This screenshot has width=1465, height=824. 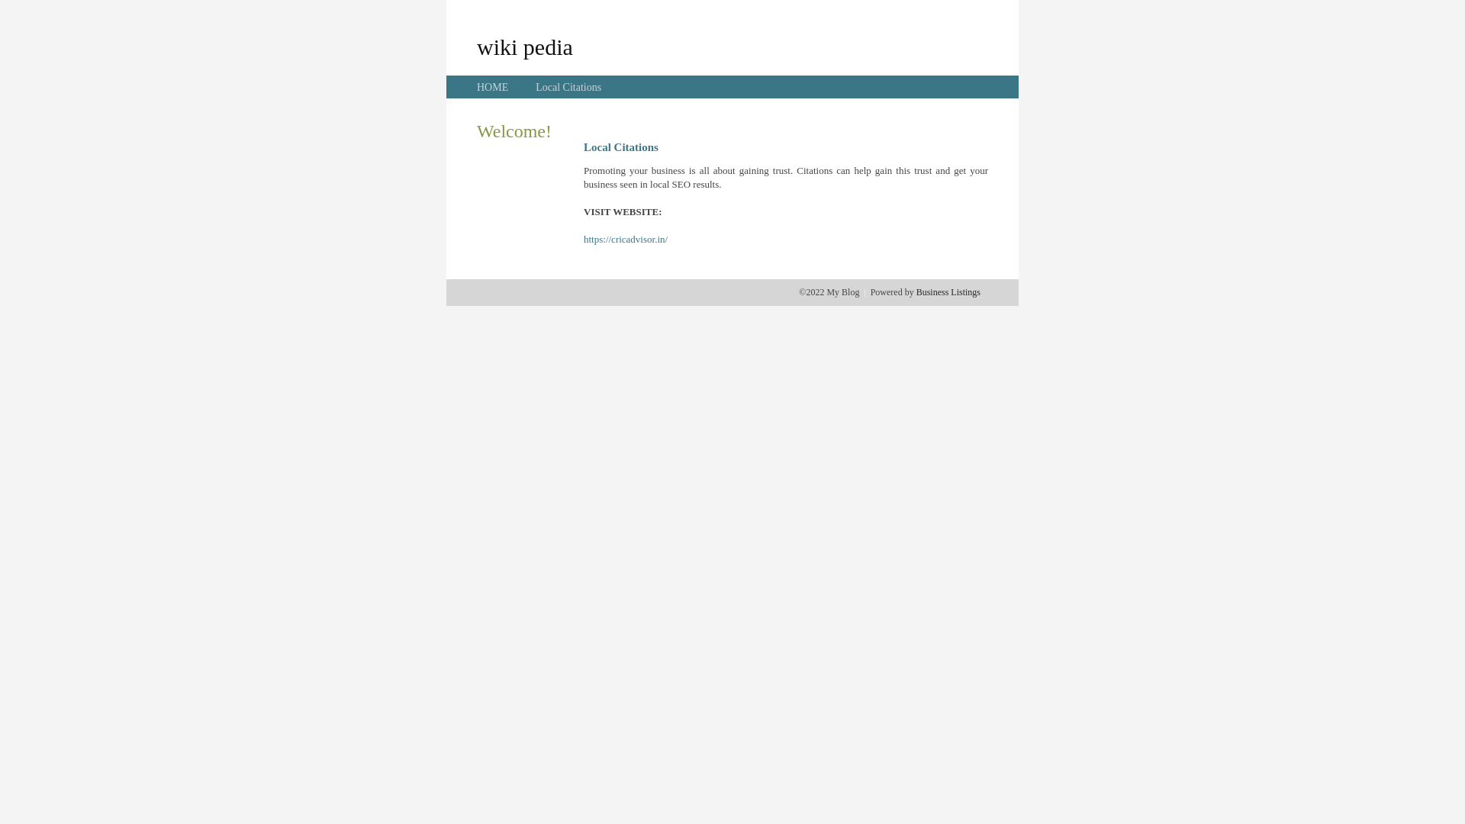 What do you see at coordinates (626, 239) in the screenshot?
I see `'https://cricadvisor.in/'` at bounding box center [626, 239].